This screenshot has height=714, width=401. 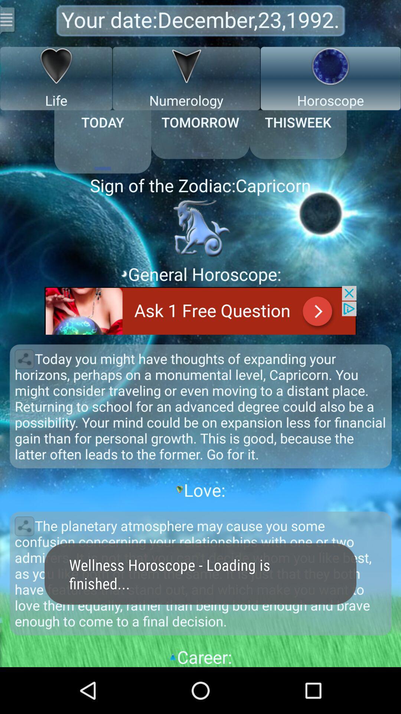 I want to click on for advertisement, so click(x=200, y=310).